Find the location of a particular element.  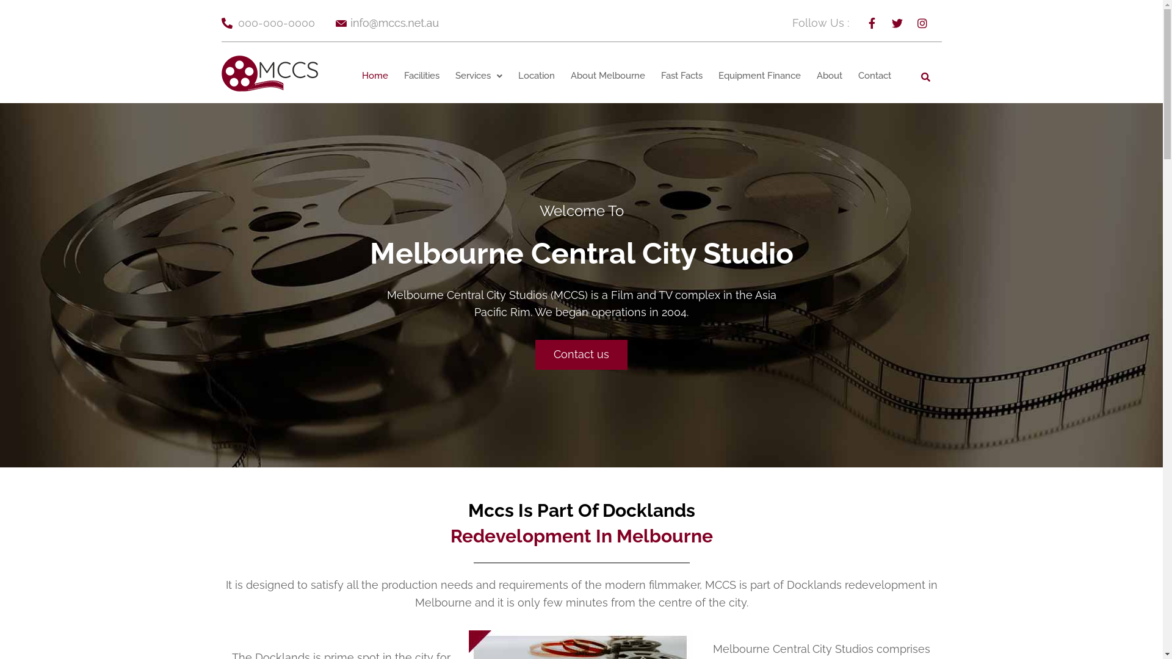

'Contact' is located at coordinates (874, 76).